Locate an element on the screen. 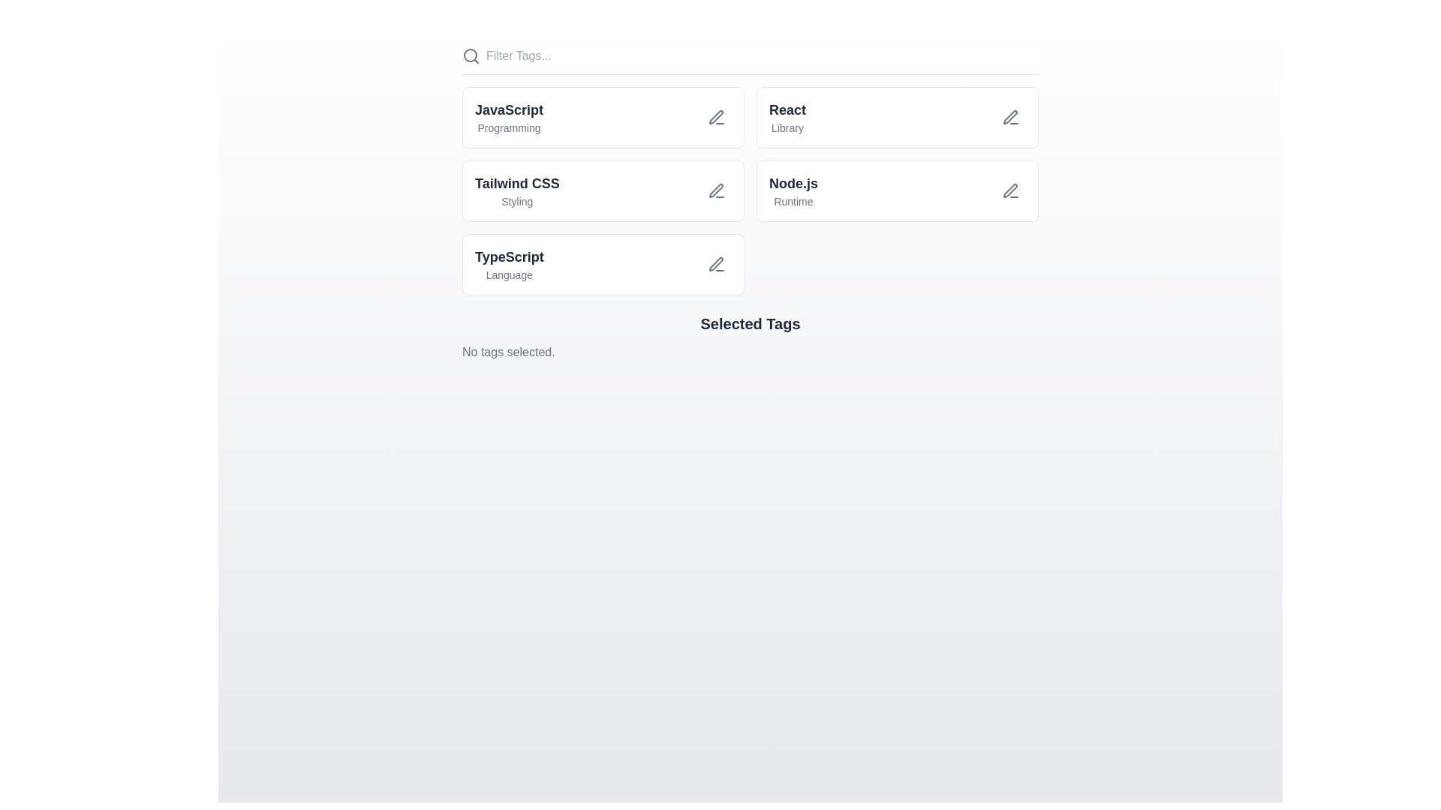 This screenshot has width=1441, height=810. the text label displaying 'Runtime' that is styled with a small-sized gray font and positioned beneath the 'Node.js' label is located at coordinates (793, 201).